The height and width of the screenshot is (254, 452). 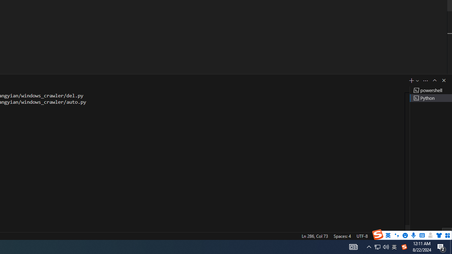 What do you see at coordinates (342, 236) in the screenshot?
I see `'Spaces: 4'` at bounding box center [342, 236].